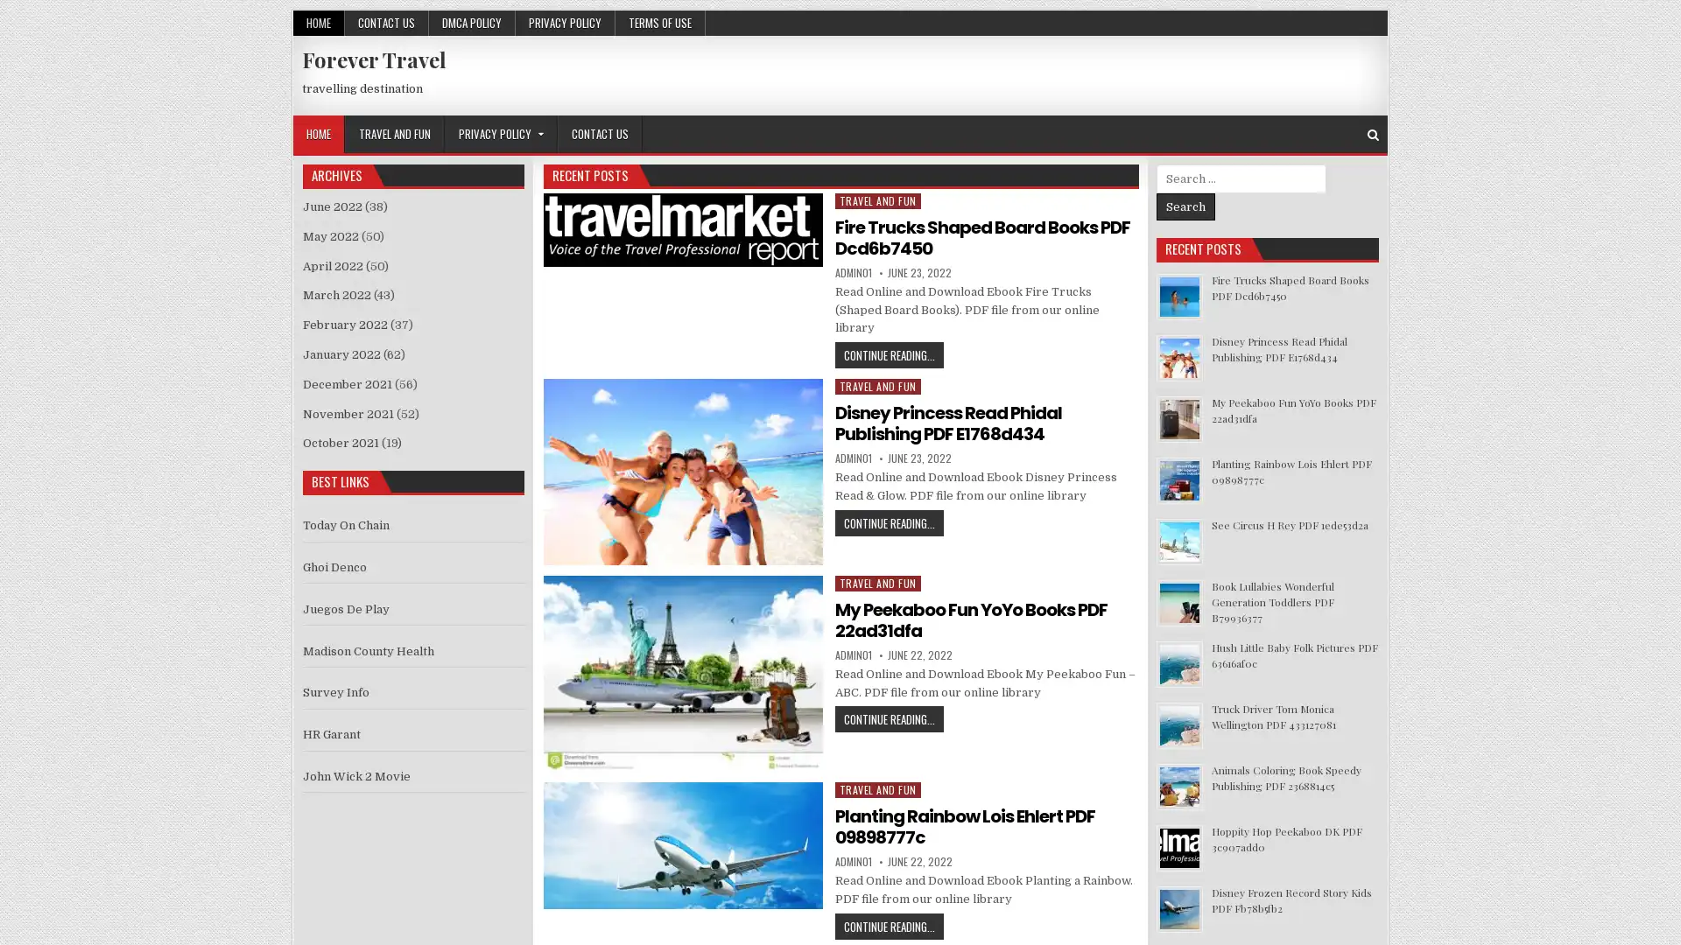 The width and height of the screenshot is (1681, 945). I want to click on Search, so click(1185, 206).